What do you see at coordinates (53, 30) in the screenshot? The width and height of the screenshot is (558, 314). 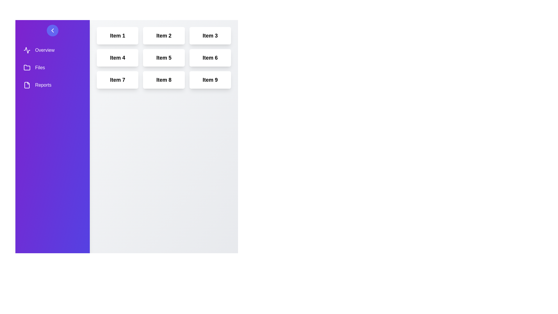 I see `sidebar toggle button to toggle the sidebar visibility` at bounding box center [53, 30].